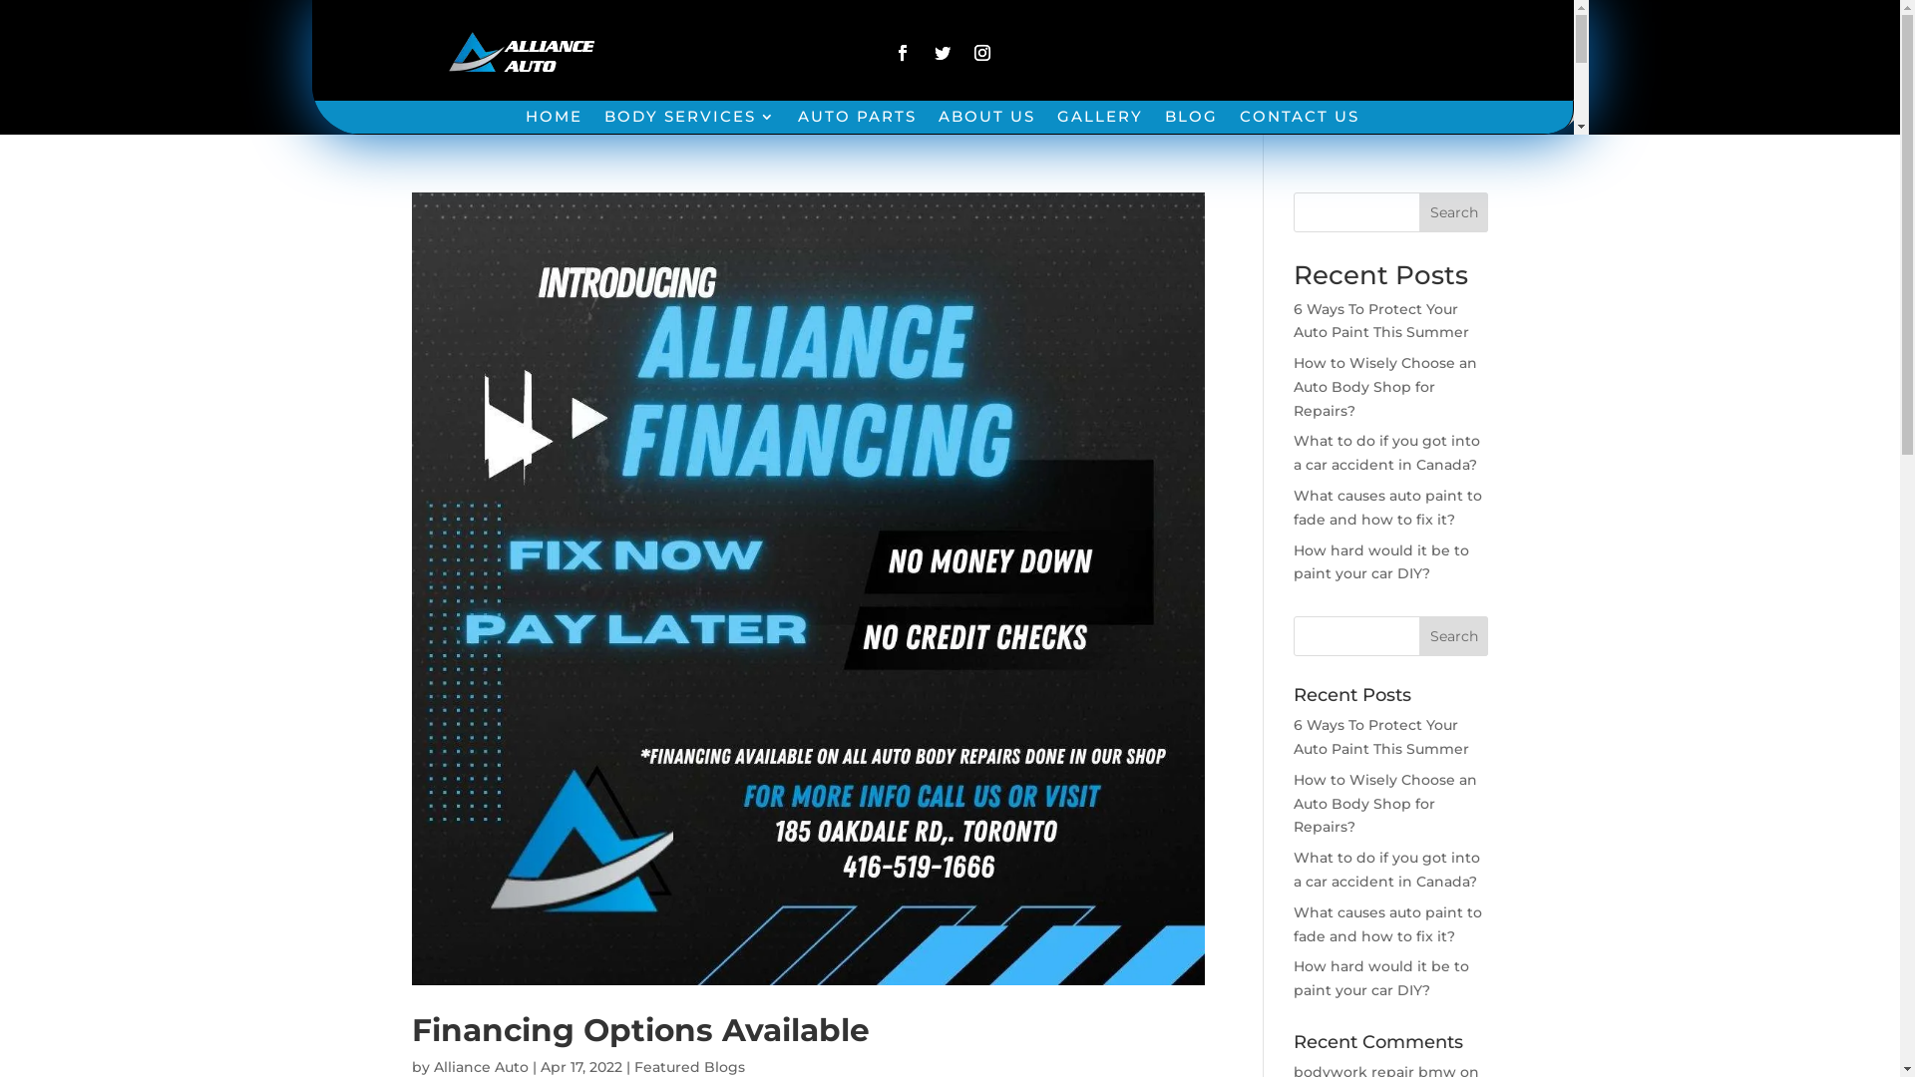 The image size is (1915, 1077). What do you see at coordinates (942, 52) in the screenshot?
I see `'Follow on Twitter'` at bounding box center [942, 52].